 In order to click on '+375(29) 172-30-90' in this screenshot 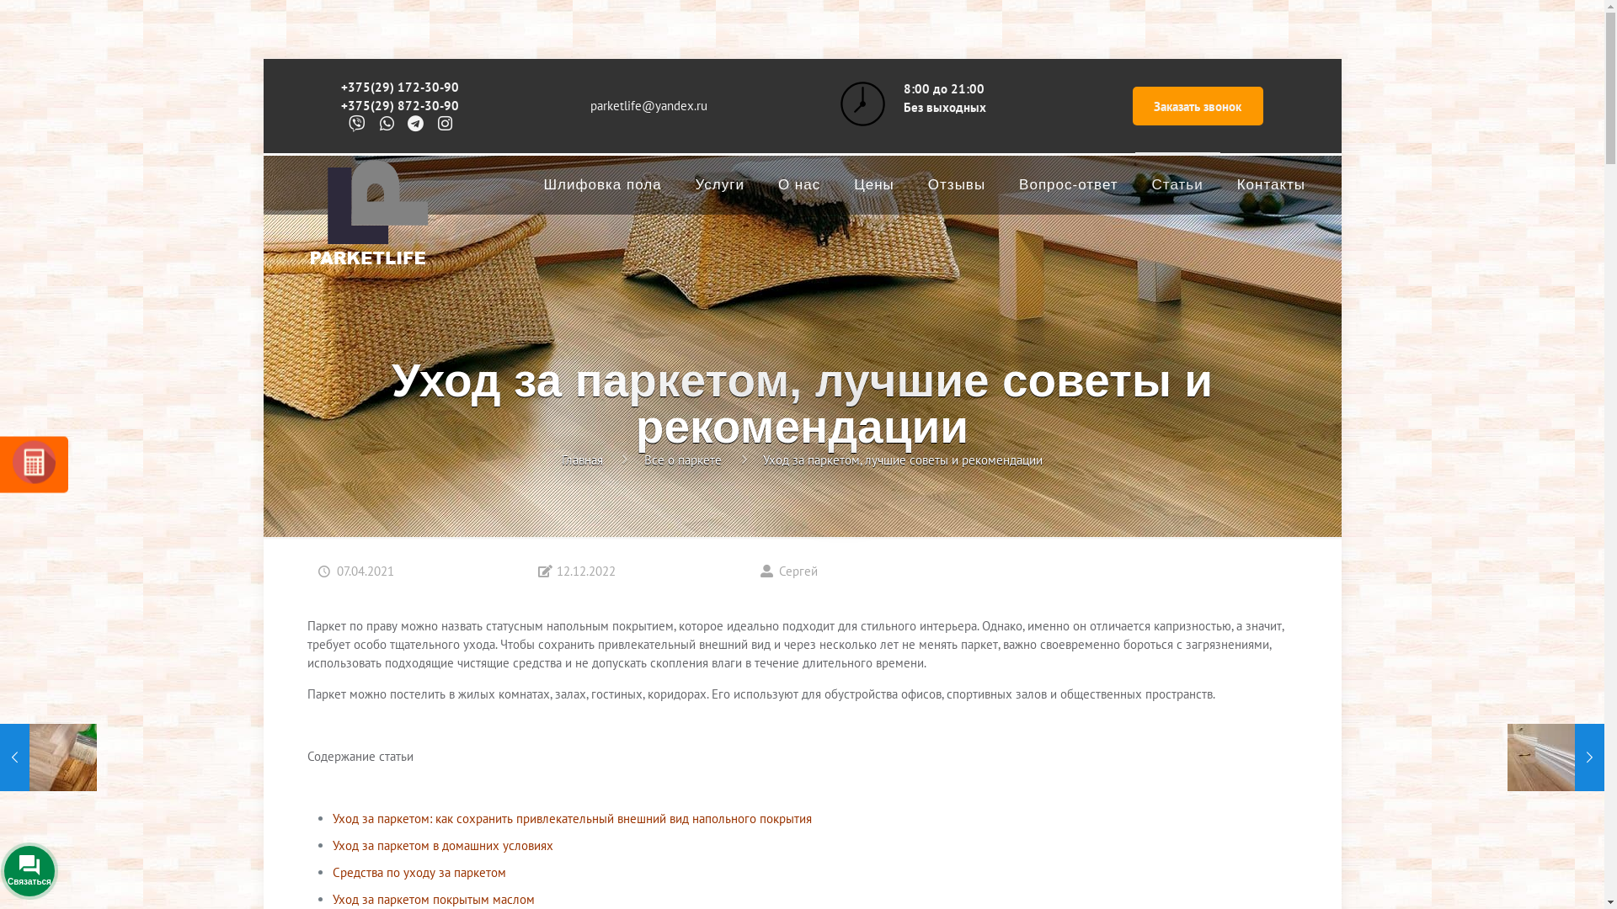, I will do `click(399, 87)`.